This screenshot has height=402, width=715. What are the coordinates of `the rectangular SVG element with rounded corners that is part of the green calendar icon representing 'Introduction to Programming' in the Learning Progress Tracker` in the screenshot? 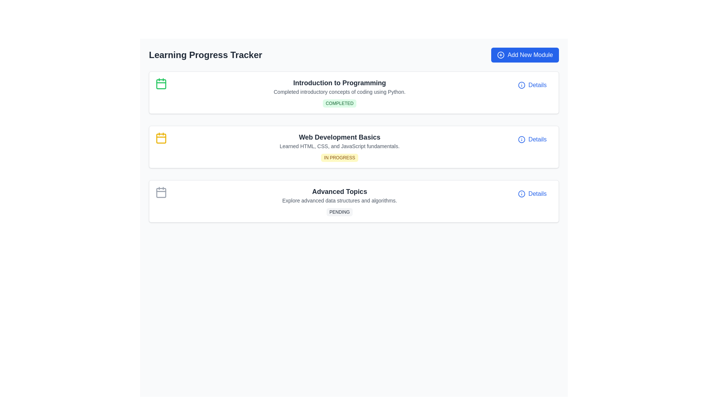 It's located at (161, 84).